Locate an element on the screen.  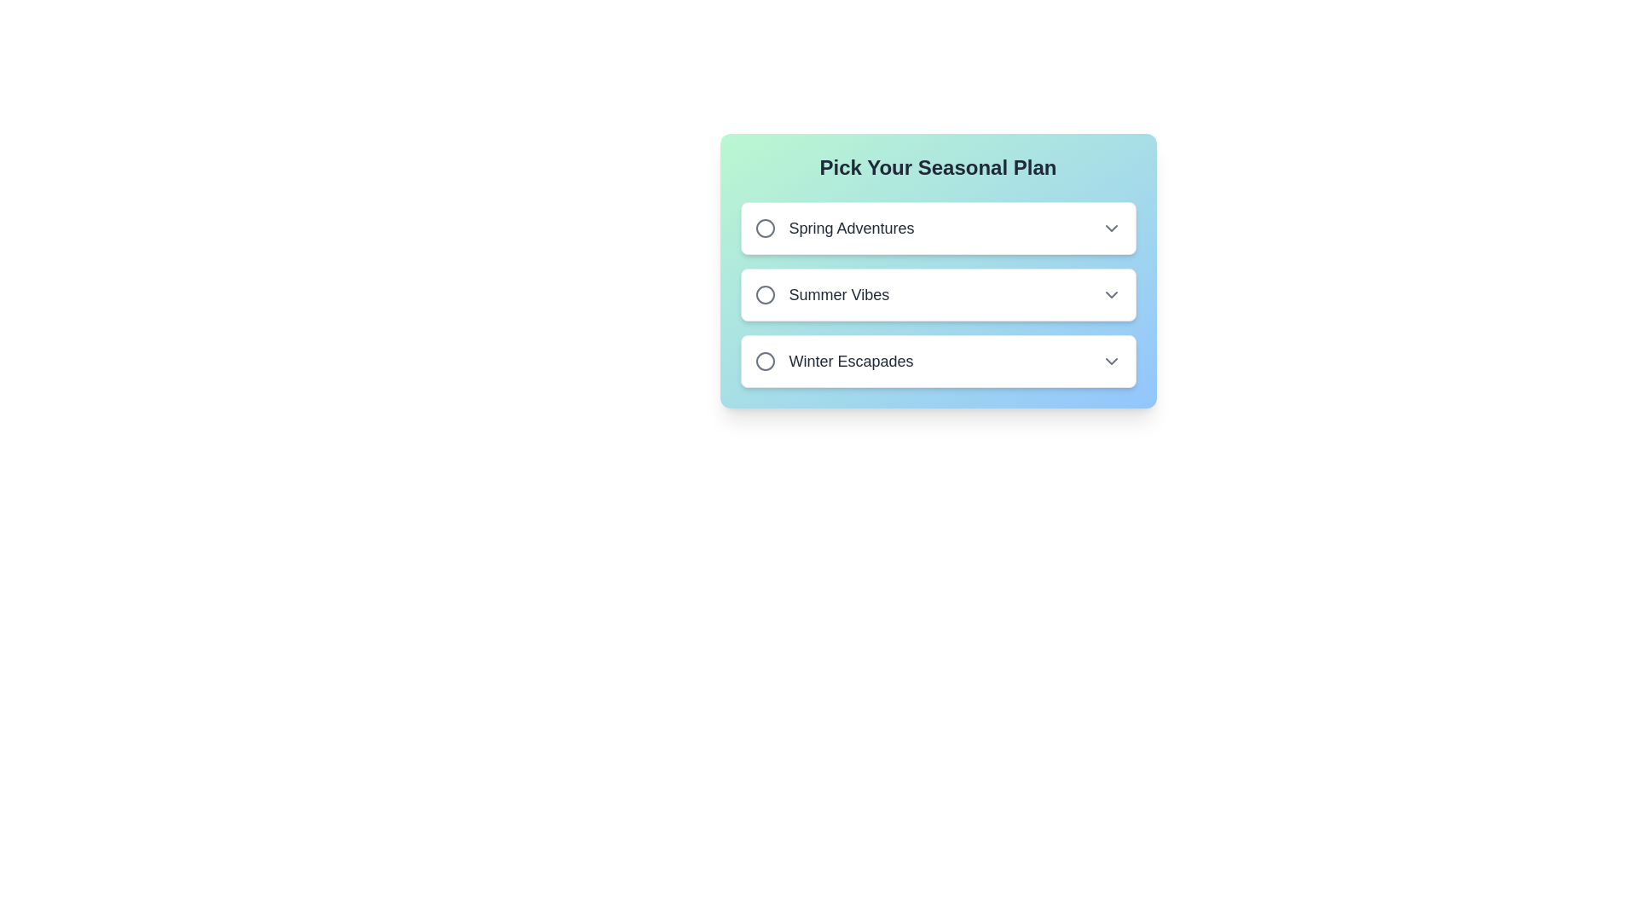
the radio button indicator for the 'Spring Adventures' option is located at coordinates (764, 227).